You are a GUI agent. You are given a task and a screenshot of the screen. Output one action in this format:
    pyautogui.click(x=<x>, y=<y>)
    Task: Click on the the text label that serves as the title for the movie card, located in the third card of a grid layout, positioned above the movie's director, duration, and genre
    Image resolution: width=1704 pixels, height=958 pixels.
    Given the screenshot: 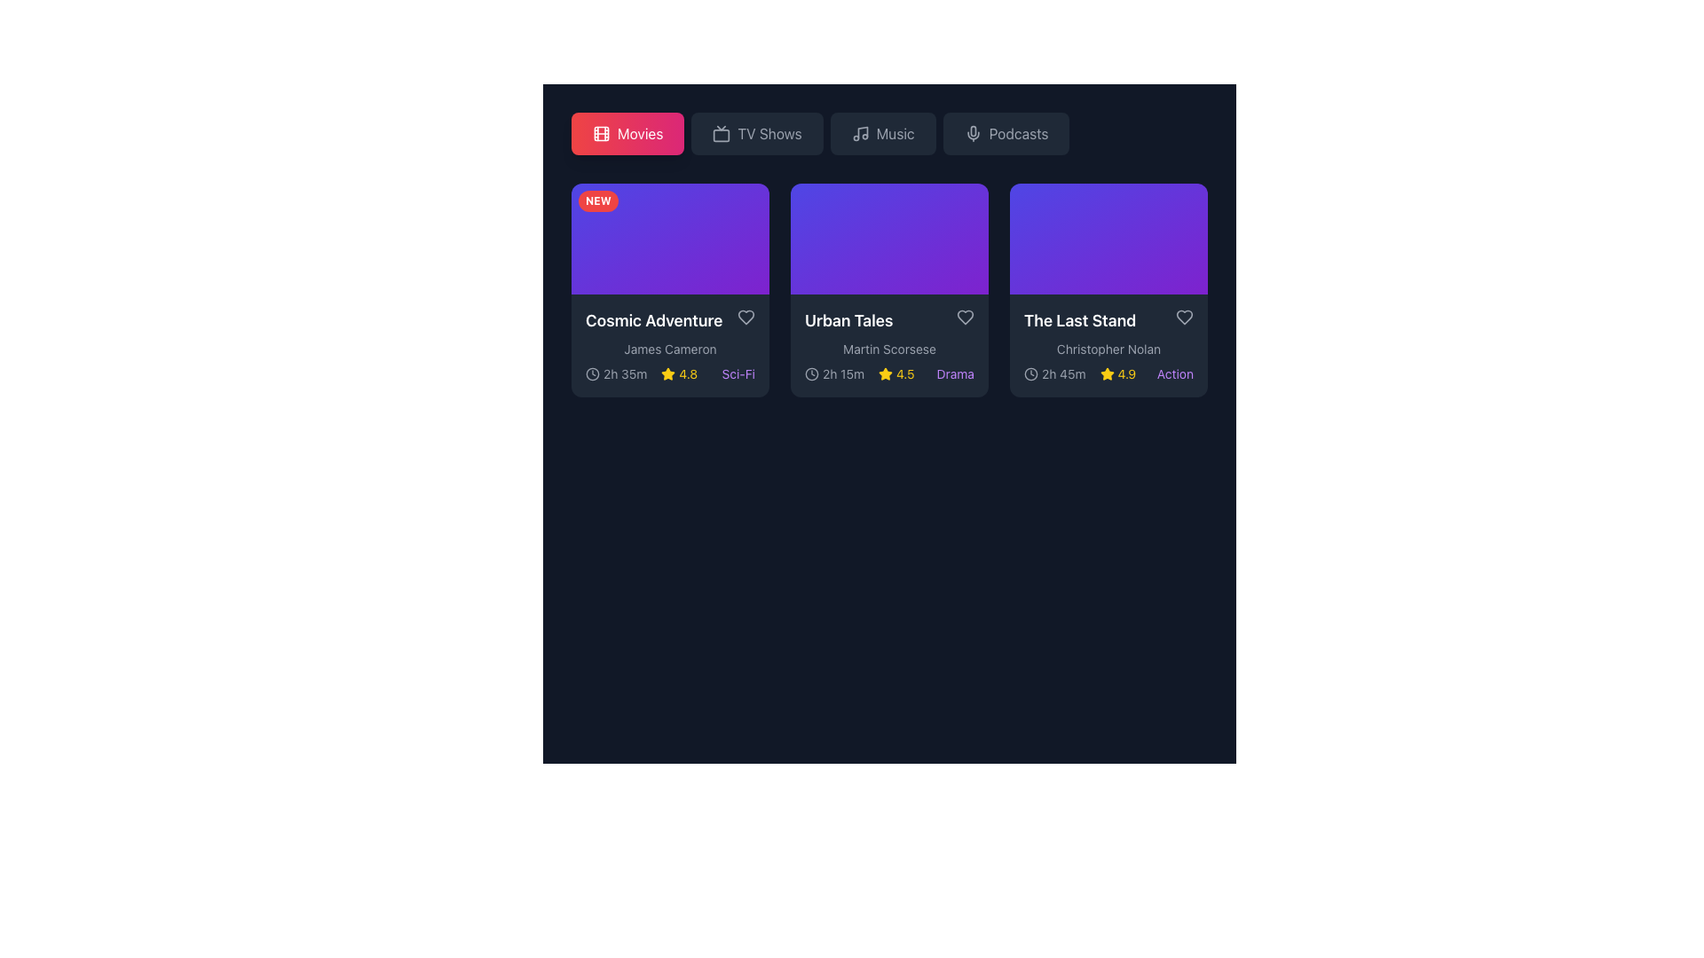 What is the action you would take?
    pyautogui.click(x=1079, y=321)
    